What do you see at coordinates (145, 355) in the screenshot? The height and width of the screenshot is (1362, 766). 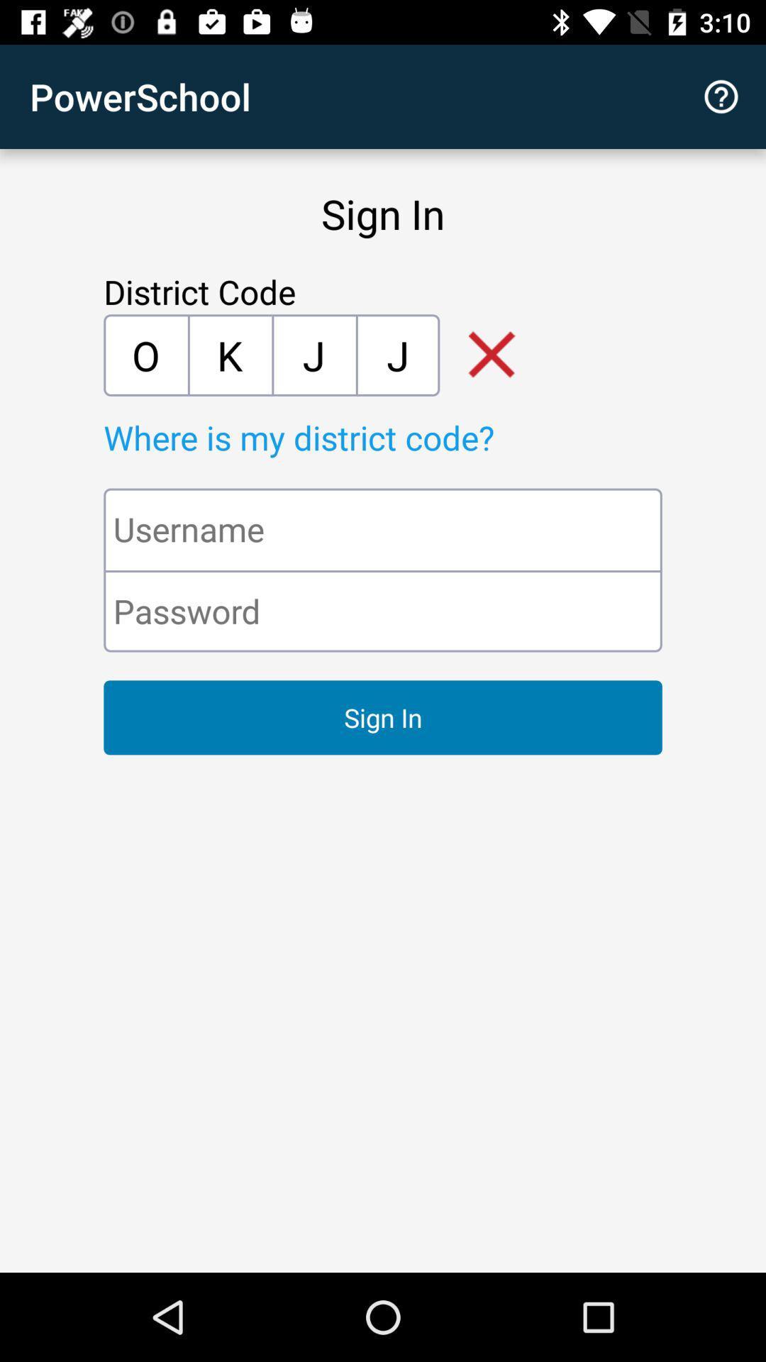 I see `the o` at bounding box center [145, 355].